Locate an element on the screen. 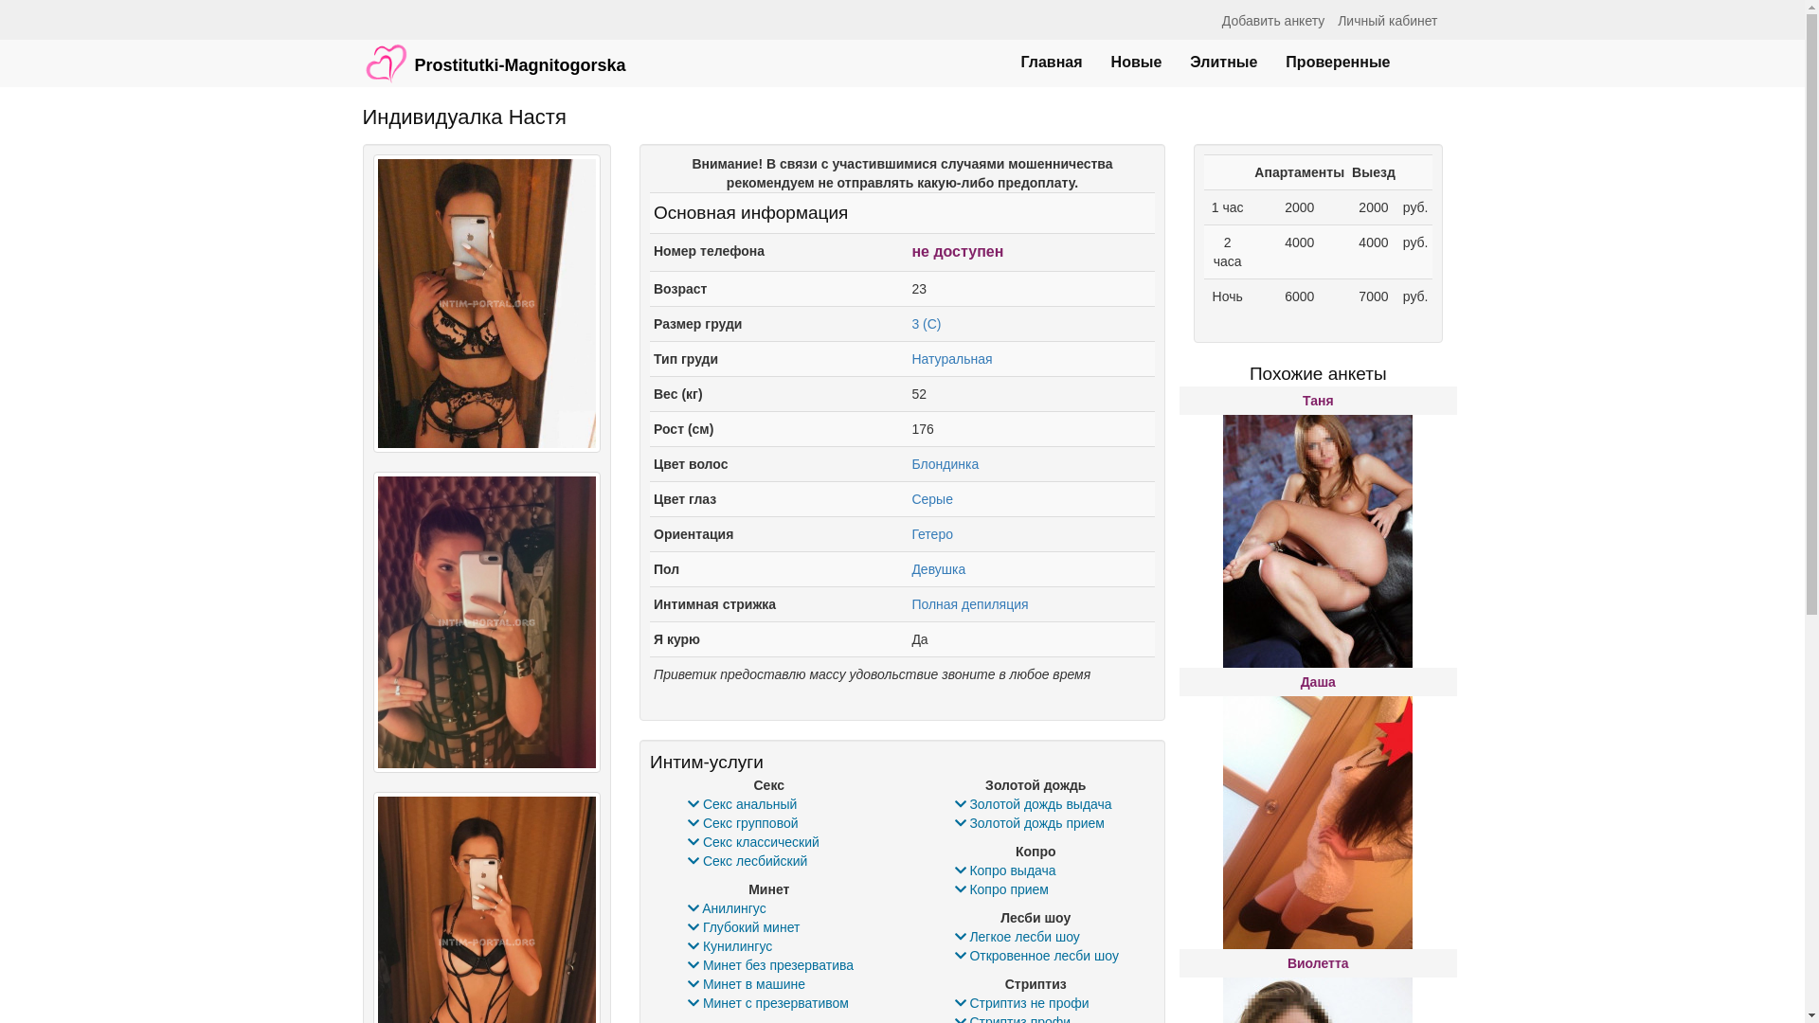 This screenshot has height=1023, width=1819. 'Prostitutki-Magnitogorska' is located at coordinates (495, 53).